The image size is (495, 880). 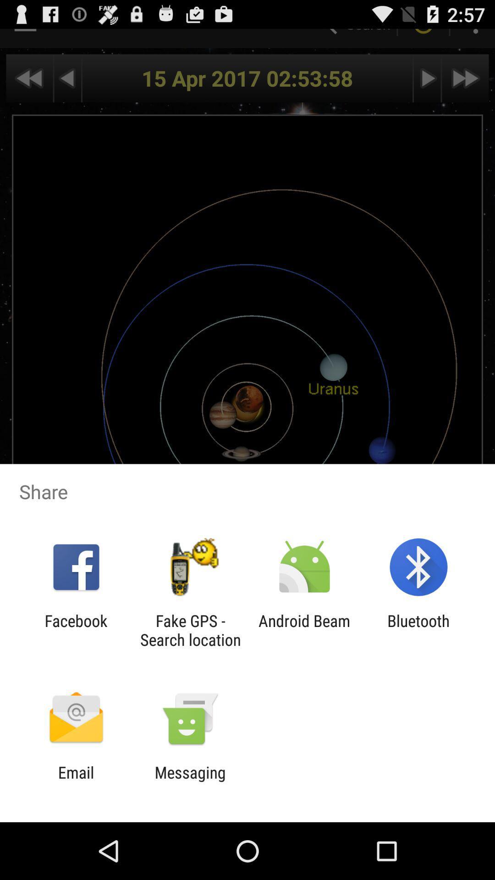 I want to click on bluetooth item, so click(x=418, y=630).